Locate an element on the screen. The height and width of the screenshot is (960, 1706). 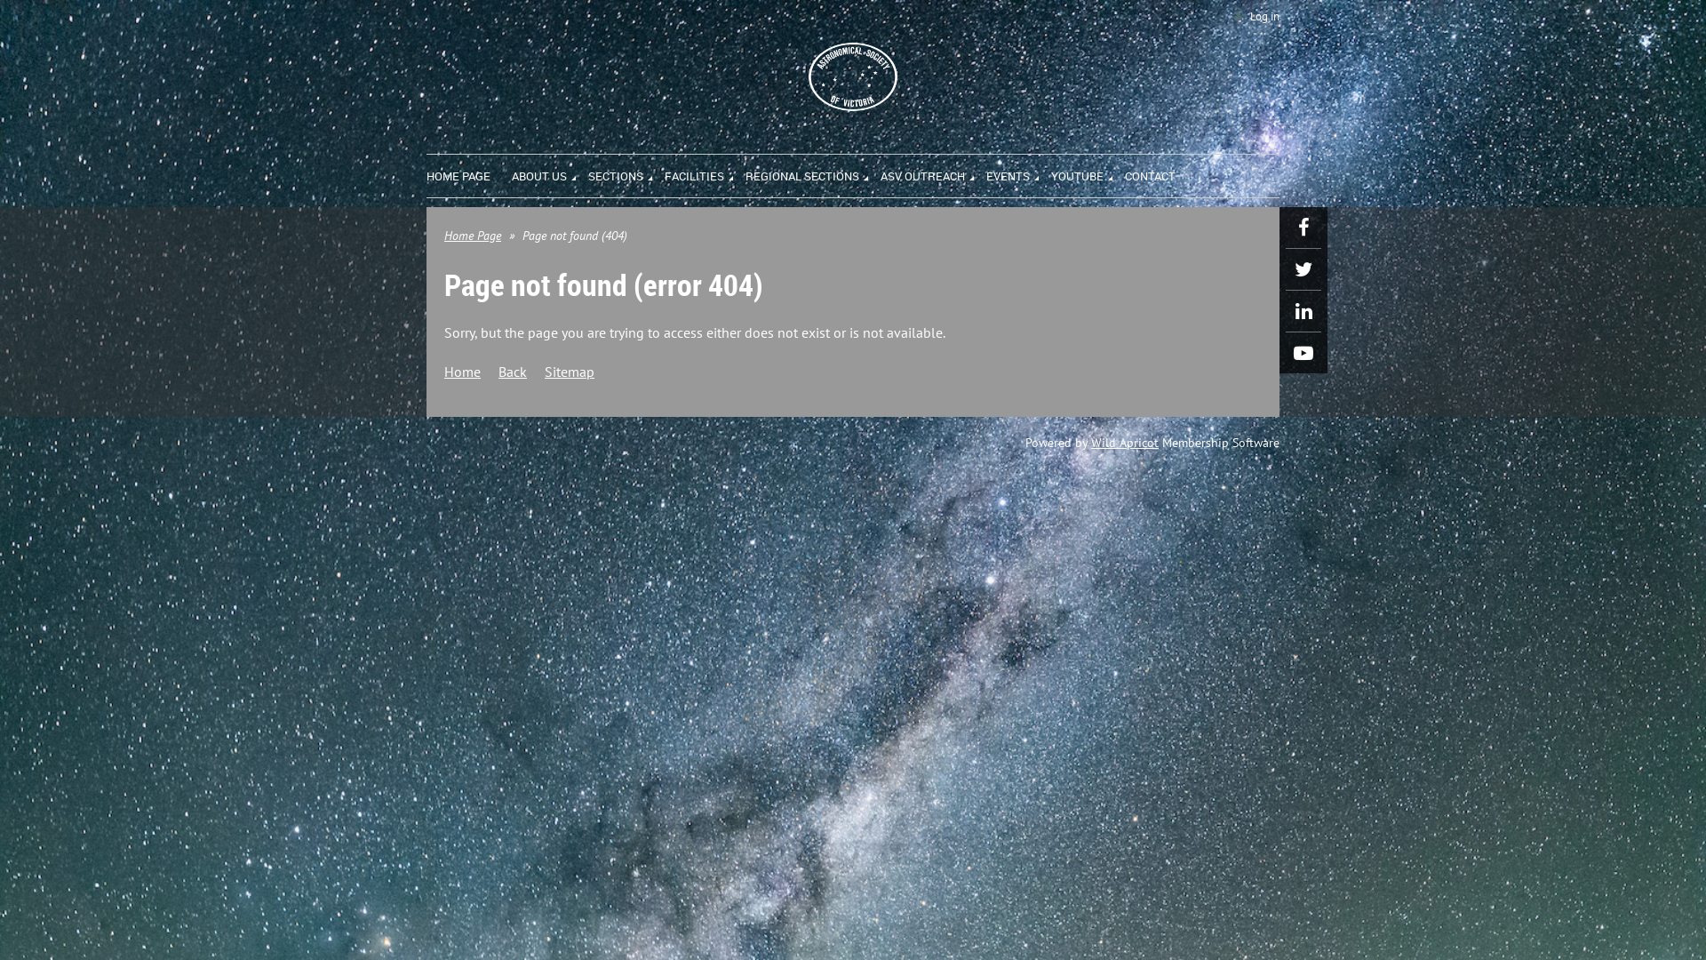
'YouTube' is located at coordinates (1303, 353).